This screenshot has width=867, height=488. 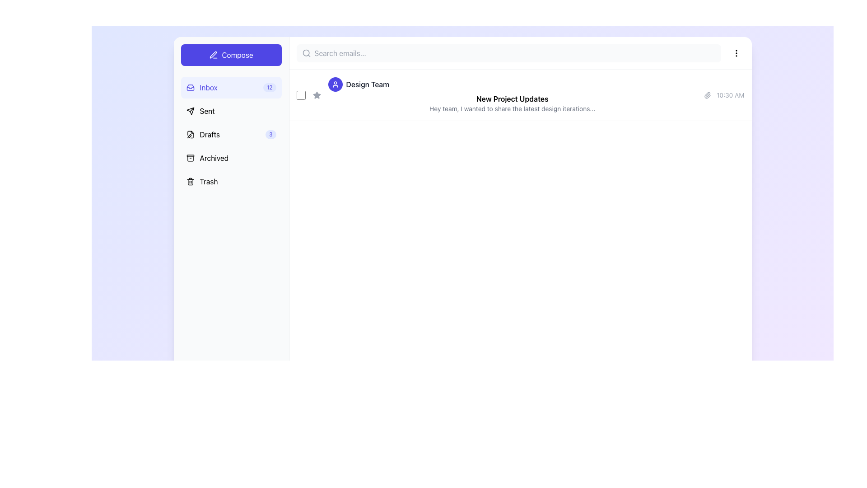 What do you see at coordinates (724, 95) in the screenshot?
I see `the Timestamp display with an attachment indicator showing '10:30 AM' and an attachment icon on the far right side of the message row` at bounding box center [724, 95].